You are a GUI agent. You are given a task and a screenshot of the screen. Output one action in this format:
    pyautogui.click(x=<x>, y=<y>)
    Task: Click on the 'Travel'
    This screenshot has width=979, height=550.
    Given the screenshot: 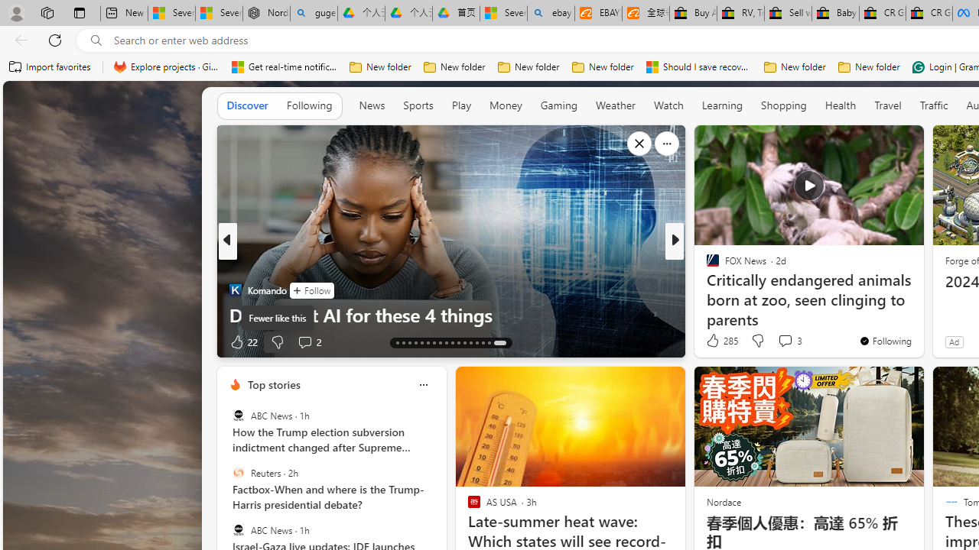 What is the action you would take?
    pyautogui.click(x=887, y=105)
    